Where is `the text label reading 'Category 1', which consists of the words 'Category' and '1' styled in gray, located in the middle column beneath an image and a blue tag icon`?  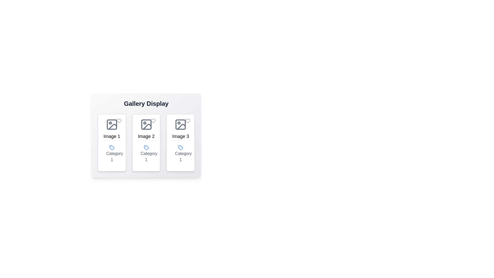 the text label reading 'Category 1', which consists of the words 'Category' and '1' styled in gray, located in the middle column beneath an image and a blue tag icon is located at coordinates (149, 156).